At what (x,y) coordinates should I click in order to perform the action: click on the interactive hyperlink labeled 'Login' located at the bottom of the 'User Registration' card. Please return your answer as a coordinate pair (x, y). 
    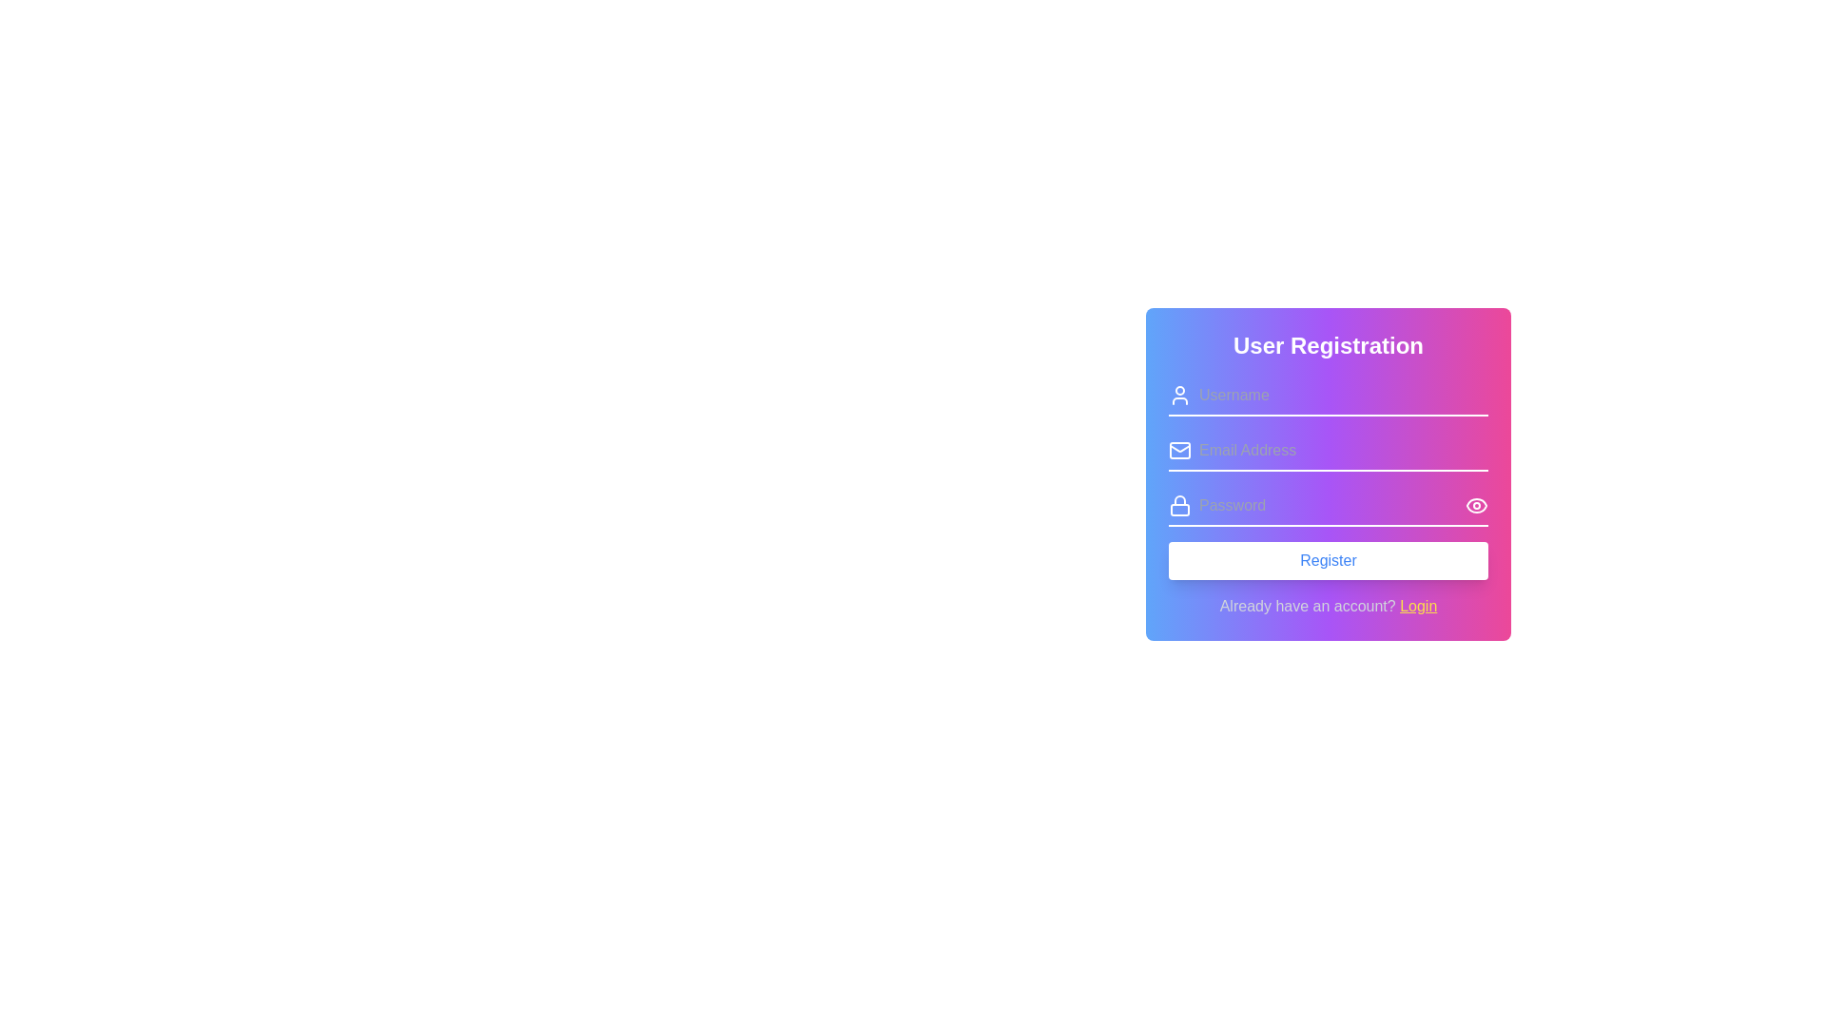
    Looking at the image, I should click on (1327, 606).